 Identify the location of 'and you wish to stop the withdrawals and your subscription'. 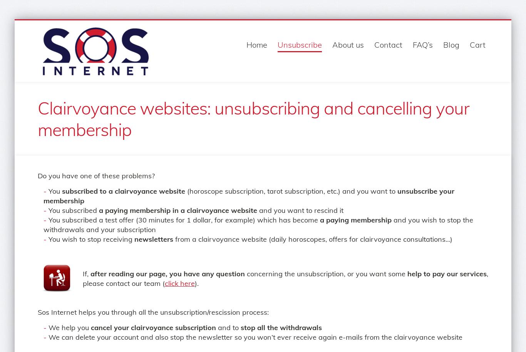
(258, 224).